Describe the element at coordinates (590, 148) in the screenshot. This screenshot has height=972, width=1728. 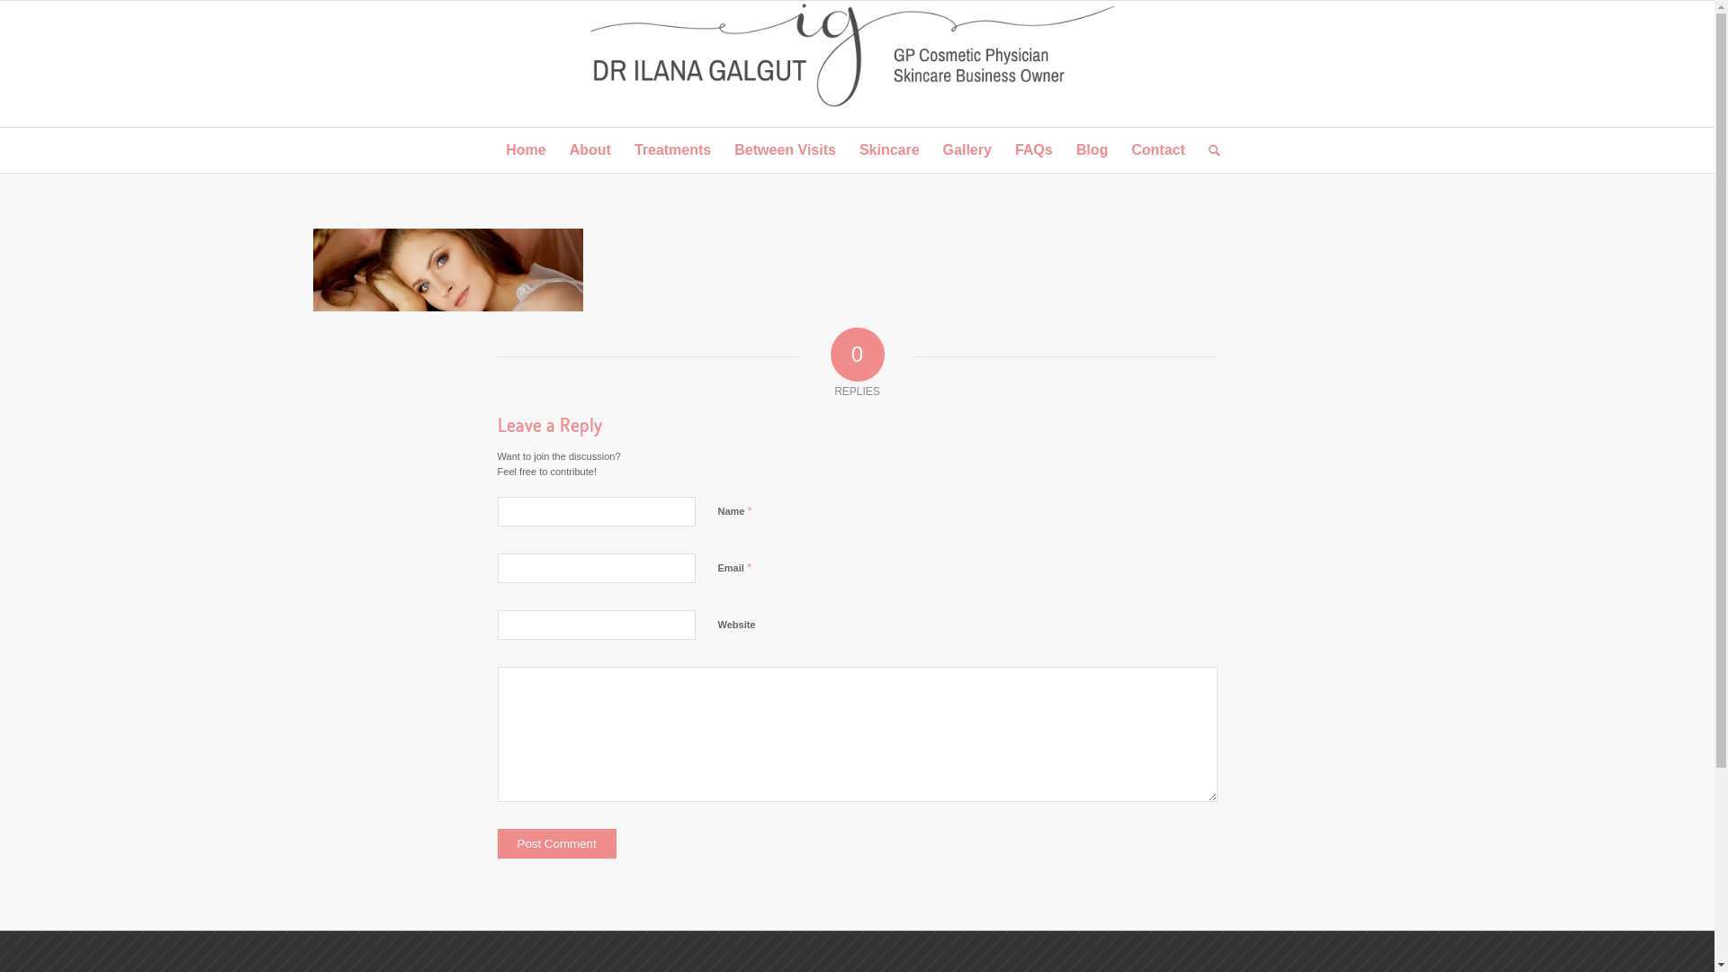
I see `'About'` at that location.